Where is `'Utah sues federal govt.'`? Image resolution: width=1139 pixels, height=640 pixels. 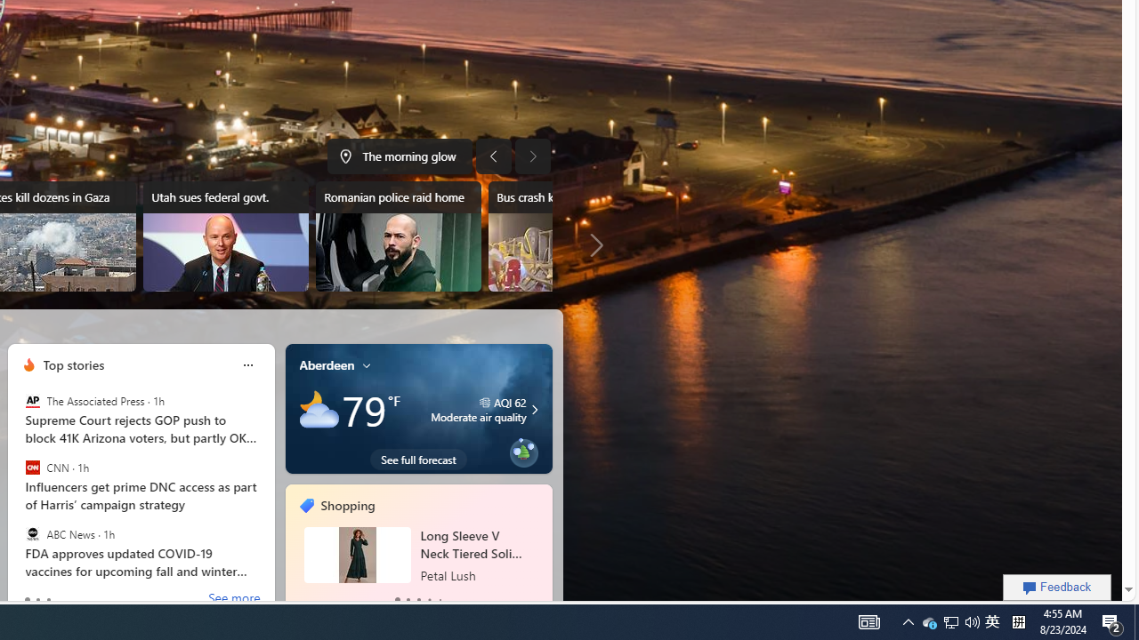
'Utah sues federal govt.' is located at coordinates (224, 236).